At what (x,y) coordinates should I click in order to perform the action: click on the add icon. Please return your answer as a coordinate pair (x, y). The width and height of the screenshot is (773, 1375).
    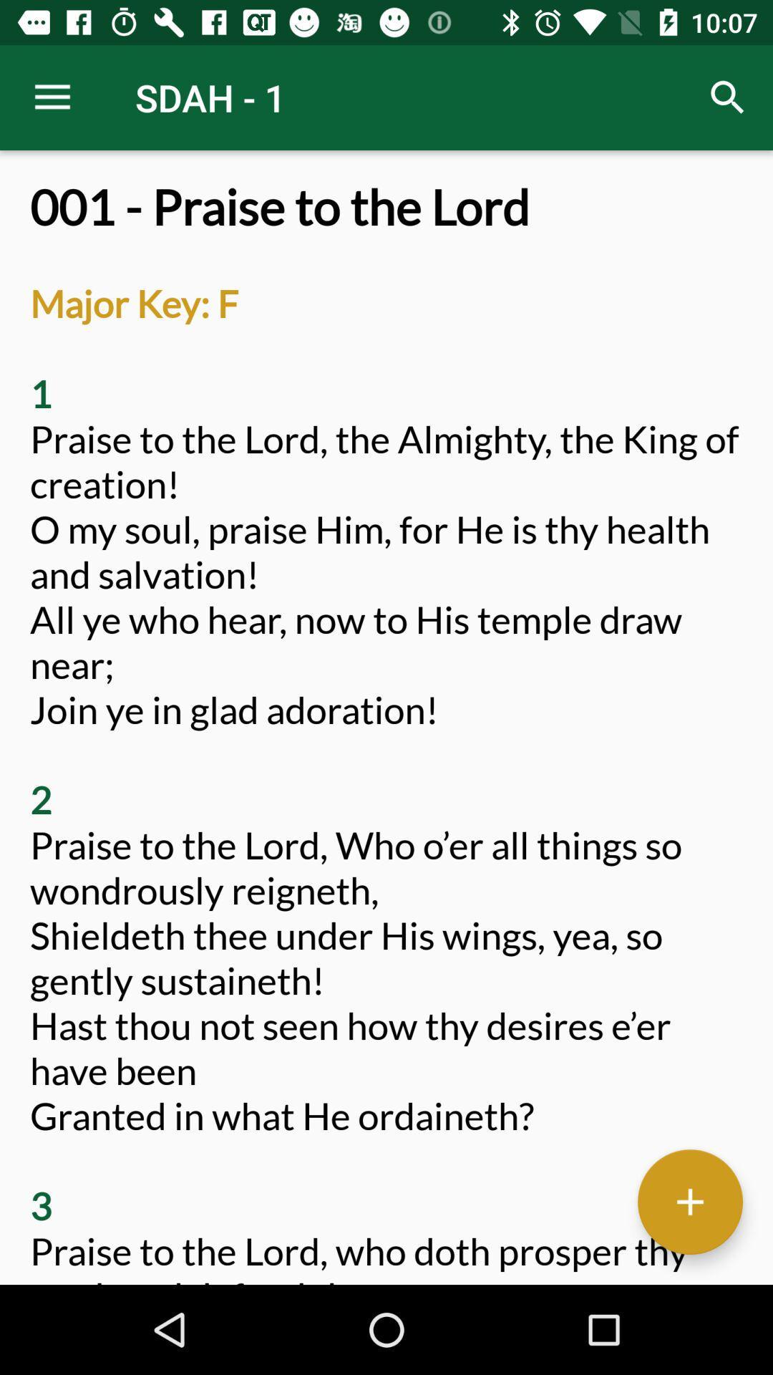
    Looking at the image, I should click on (689, 1202).